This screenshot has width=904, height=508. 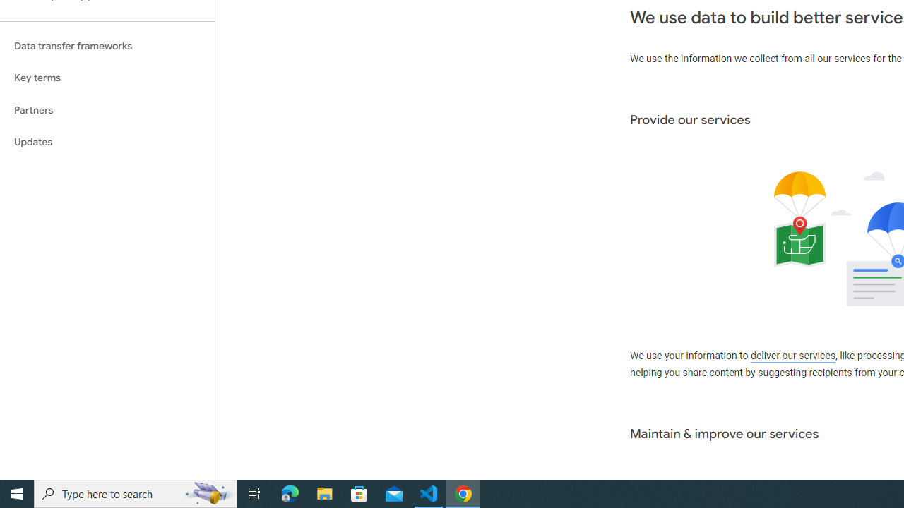 I want to click on 'Updates', so click(x=107, y=142).